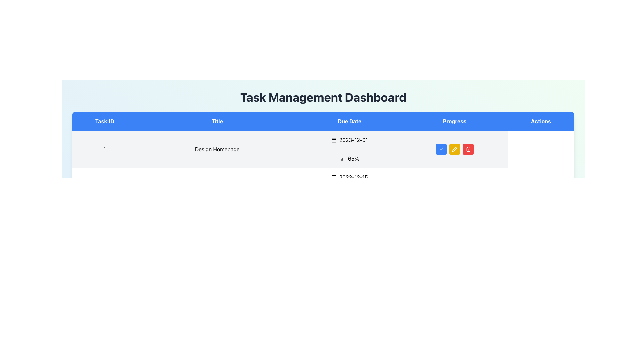 This screenshot has width=643, height=361. Describe the element at coordinates (349, 140) in the screenshot. I see `the date display label showing '2023-12-01', located in the third column under 'Due Date', which is adjacent to 'Design Homepage' and above '65%'` at that location.